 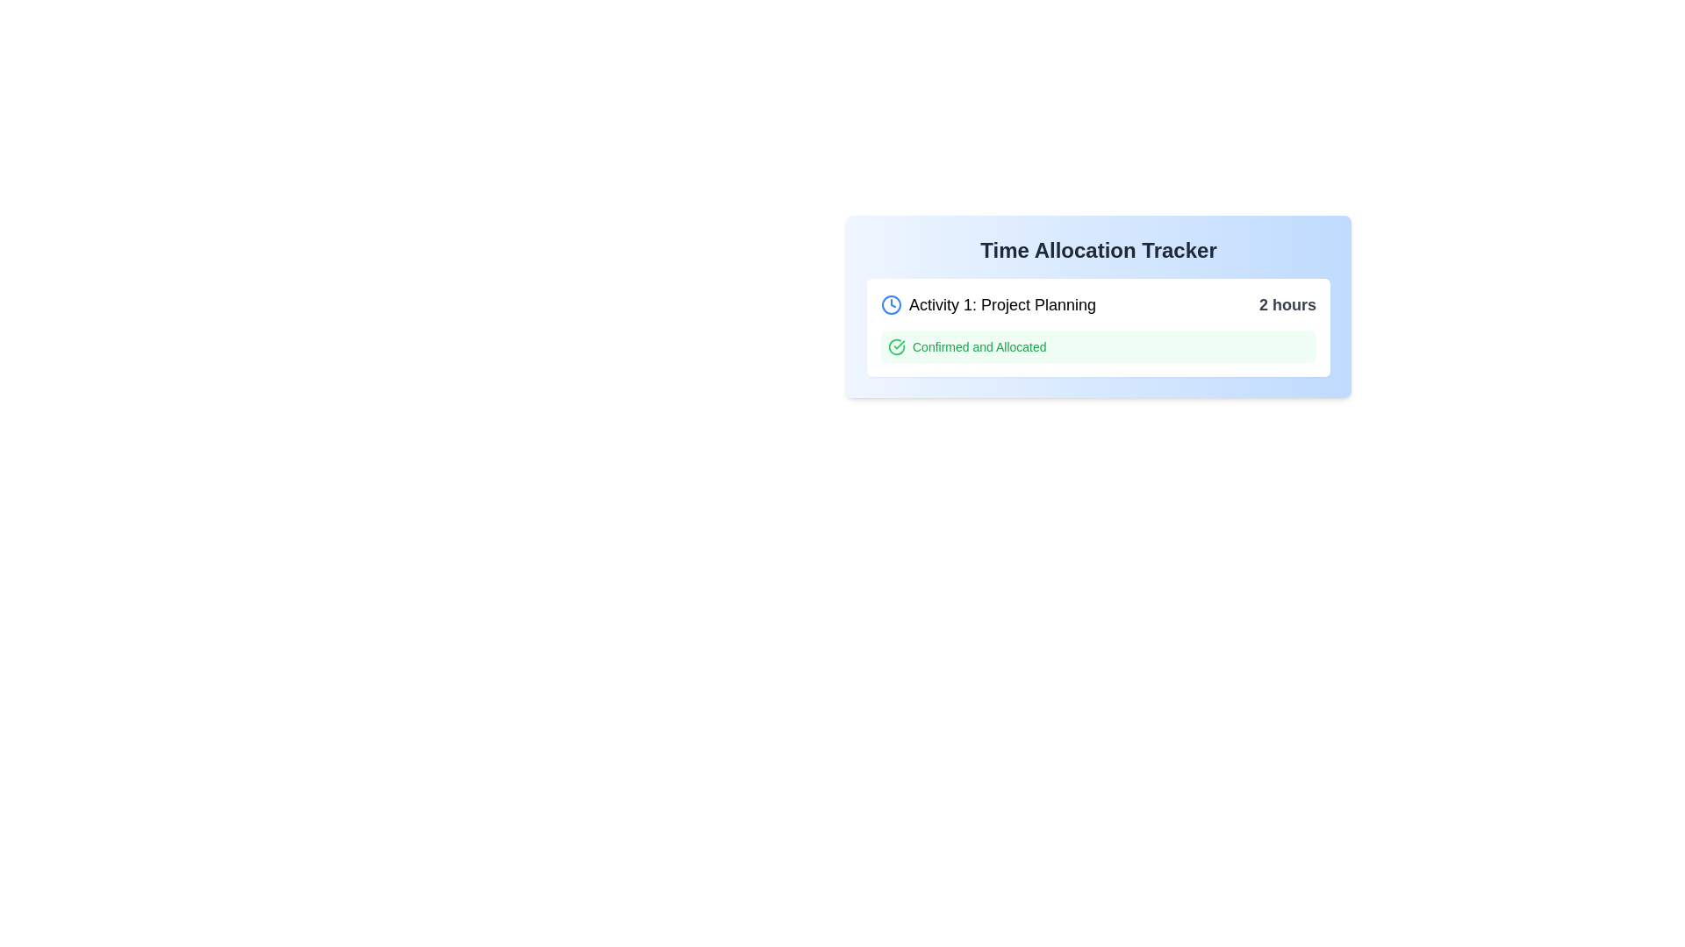 I want to click on the green circular icon with a checkmark inside, which symbolizes confirmation, so click(x=897, y=347).